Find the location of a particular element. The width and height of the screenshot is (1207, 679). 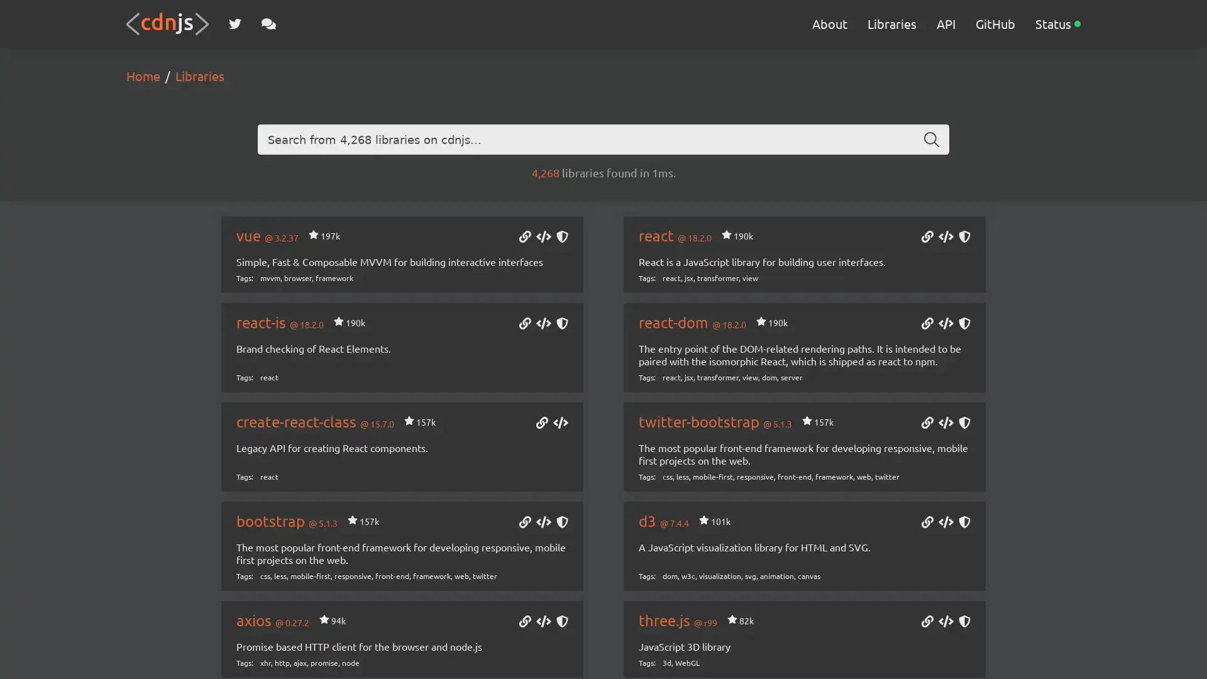

Copy Script Tag is located at coordinates (543, 324).